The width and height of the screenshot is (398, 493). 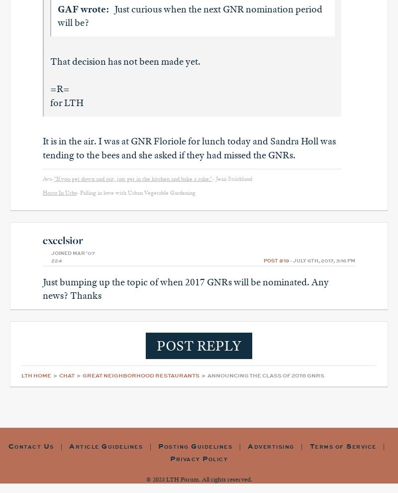 I want to click on 'Great Neighborhood Restaurants', so click(x=141, y=375).